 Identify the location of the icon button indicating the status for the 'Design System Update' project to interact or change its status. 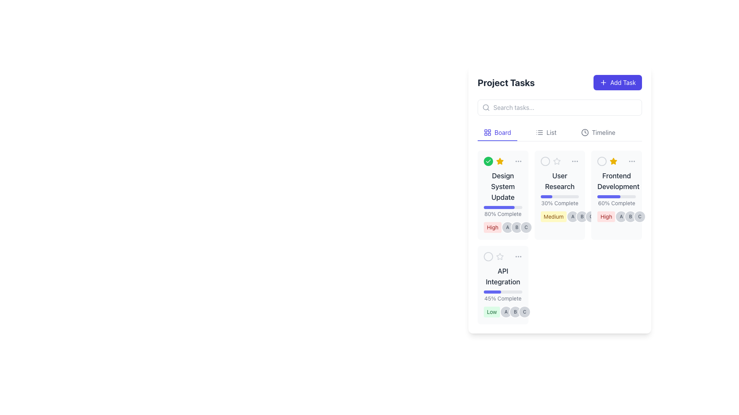
(488, 161).